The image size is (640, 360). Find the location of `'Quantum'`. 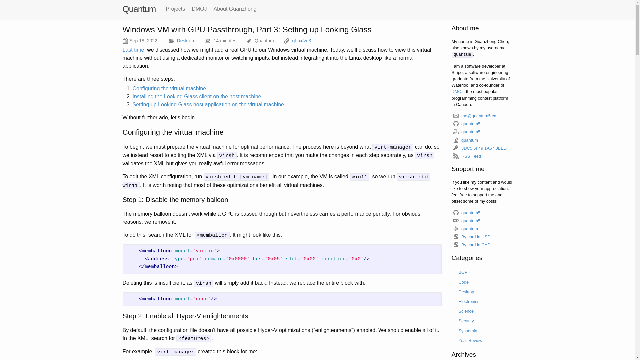

'Quantum' is located at coordinates (123, 9).